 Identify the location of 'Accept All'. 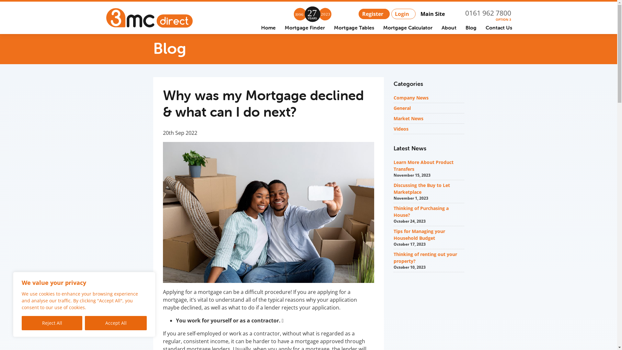
(116, 323).